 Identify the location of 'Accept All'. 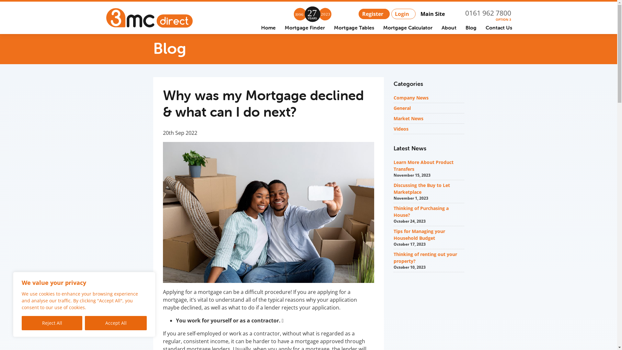
(116, 323).